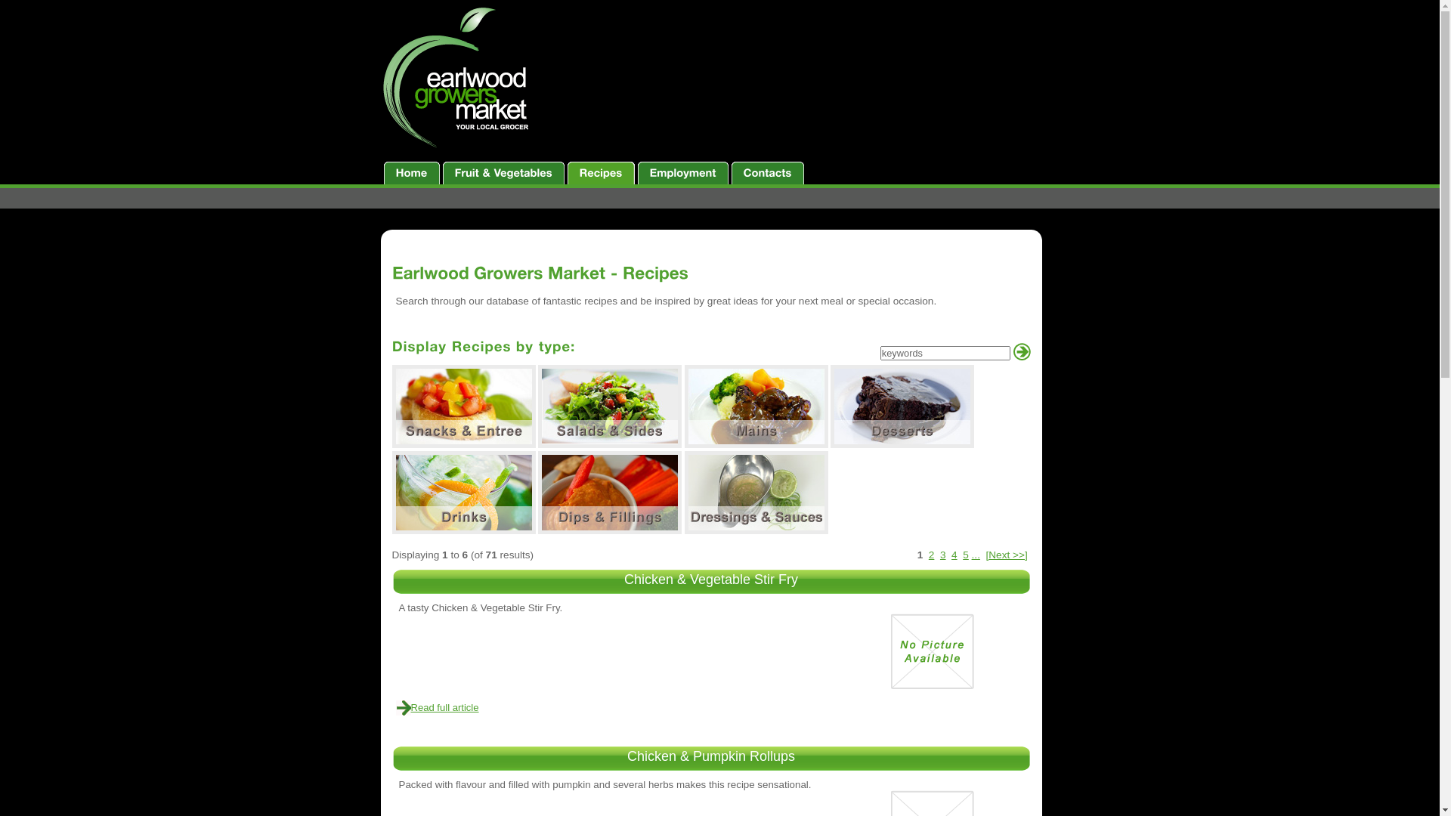 The image size is (1451, 816). What do you see at coordinates (1006, 555) in the screenshot?
I see `'[Next >>]'` at bounding box center [1006, 555].